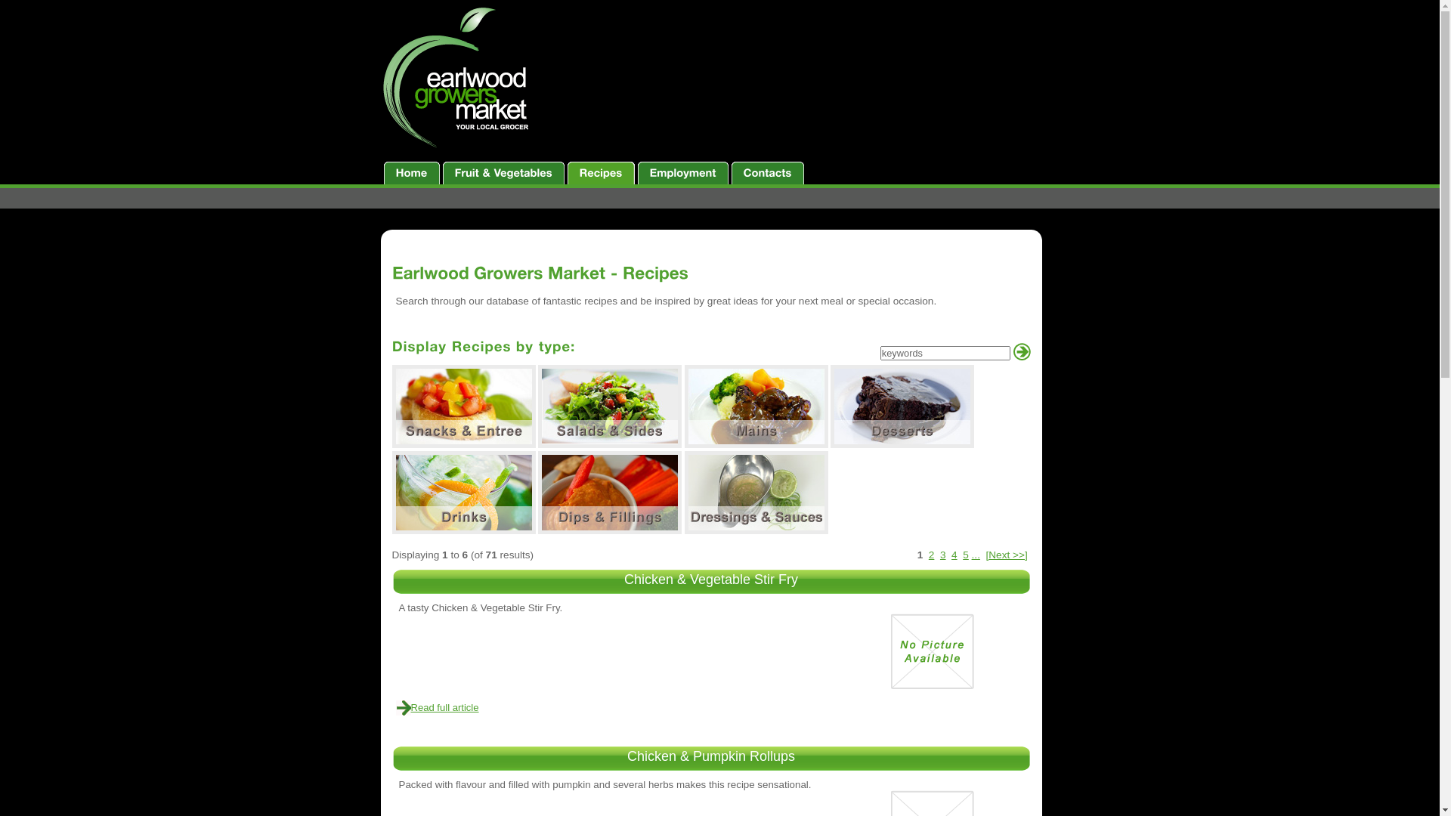 The image size is (1451, 816). What do you see at coordinates (1006, 555) in the screenshot?
I see `'[Next >>]'` at bounding box center [1006, 555].